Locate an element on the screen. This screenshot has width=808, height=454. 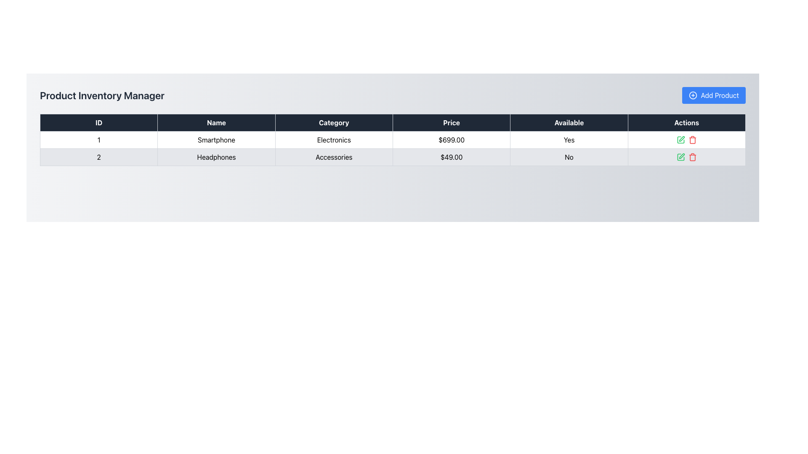
the static text display showing the price of a product in the second row of the 'Product Inventory Manager' table located in the 'Price' column is located at coordinates (451, 157).